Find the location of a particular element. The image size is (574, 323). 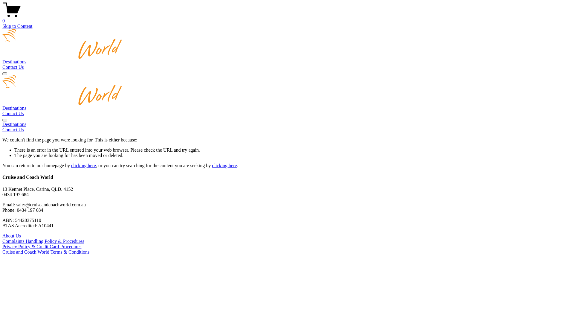

'clicking here' is located at coordinates (224, 165).